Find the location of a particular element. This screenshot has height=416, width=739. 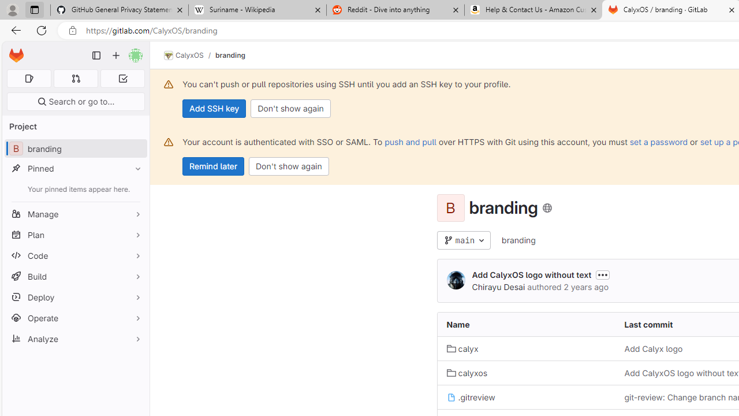

'calyx' is located at coordinates (462, 348).